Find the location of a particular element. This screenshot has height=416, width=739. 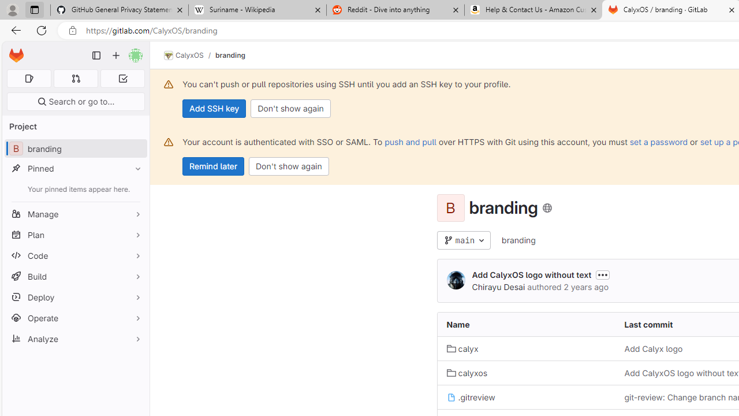

'calyx' is located at coordinates (462, 348).